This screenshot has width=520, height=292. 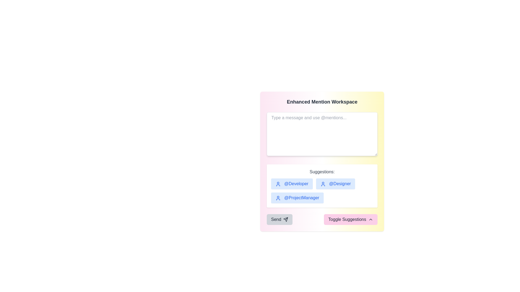 I want to click on the user profile icon located to the left of the '@Designer' text in the 'Suggestions' section, which is characterized by a circular head and a semi-oval body in blue color, so click(x=323, y=184).